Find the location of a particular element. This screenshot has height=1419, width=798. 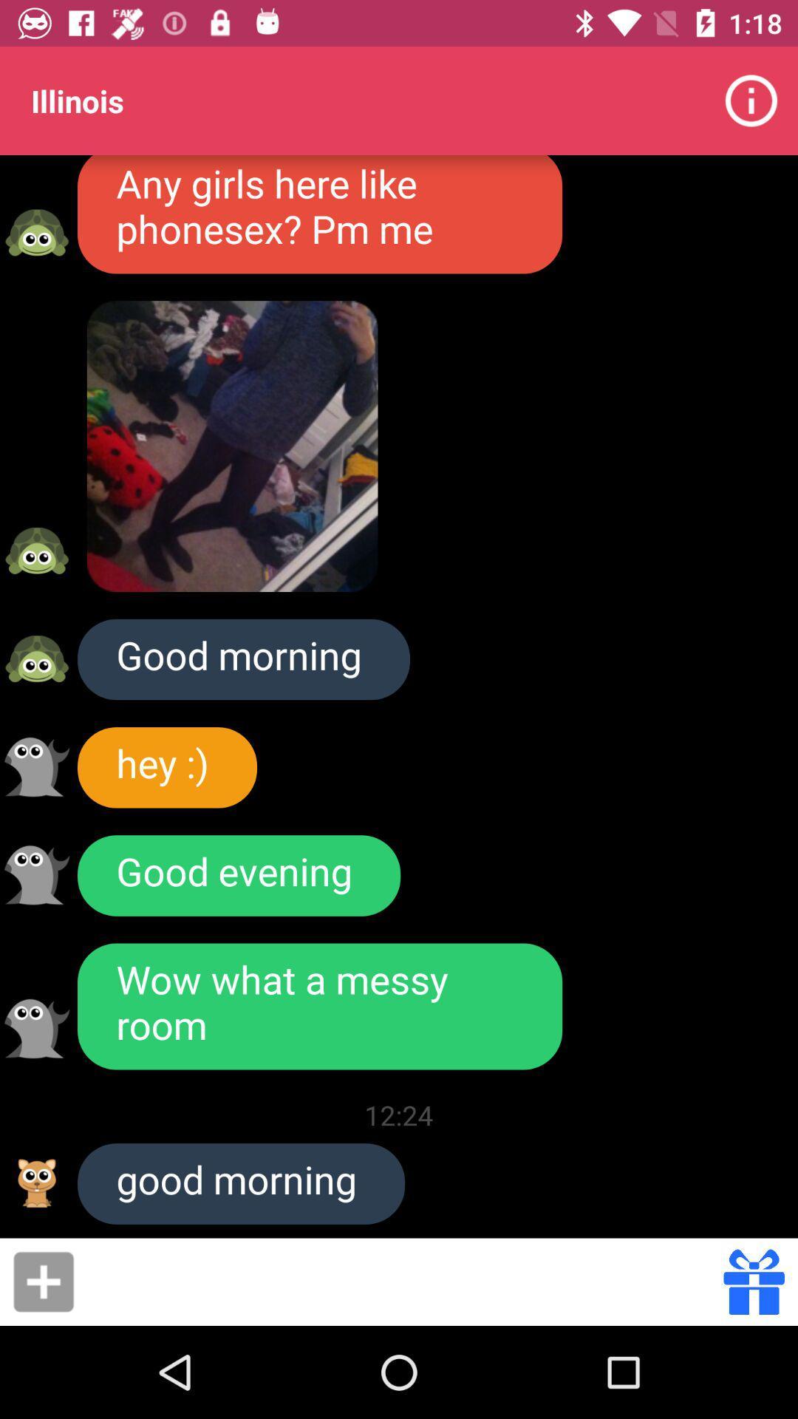

hey :) is located at coordinates (166, 767).